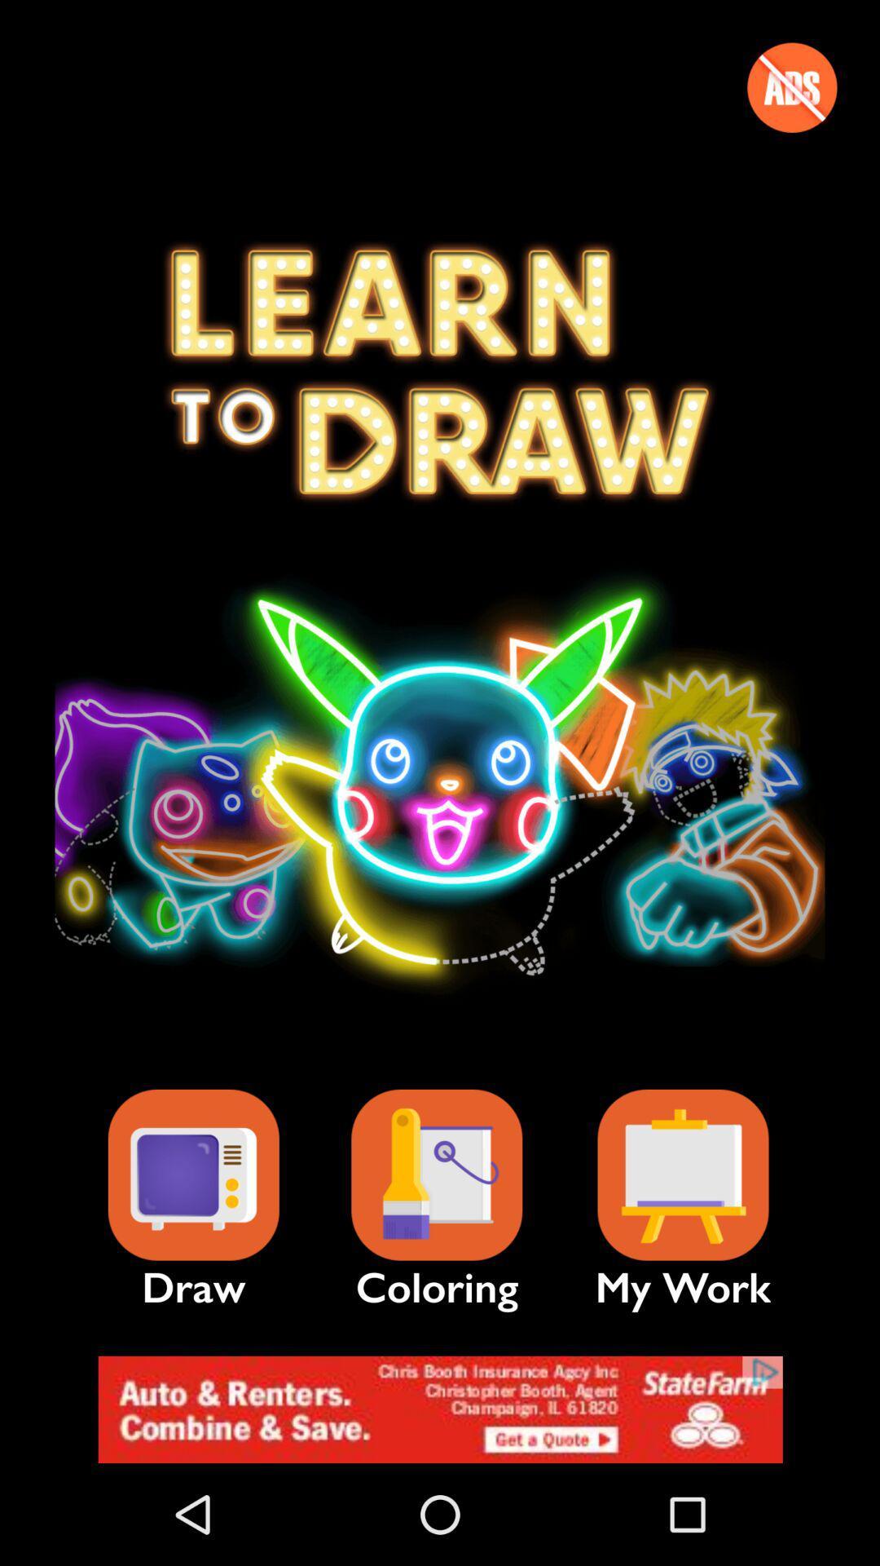 This screenshot has width=880, height=1566. I want to click on the item above the draw icon, so click(192, 1175).